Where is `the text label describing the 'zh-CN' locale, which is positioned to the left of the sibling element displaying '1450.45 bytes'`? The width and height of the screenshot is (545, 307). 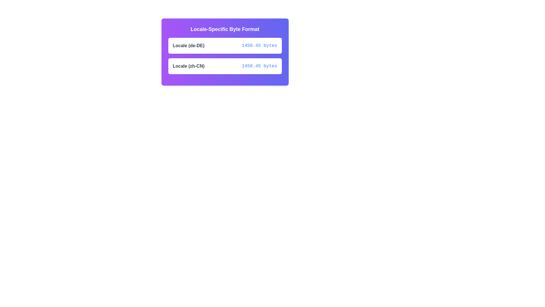 the text label describing the 'zh-CN' locale, which is positioned to the left of the sibling element displaying '1450.45 bytes' is located at coordinates (188, 66).